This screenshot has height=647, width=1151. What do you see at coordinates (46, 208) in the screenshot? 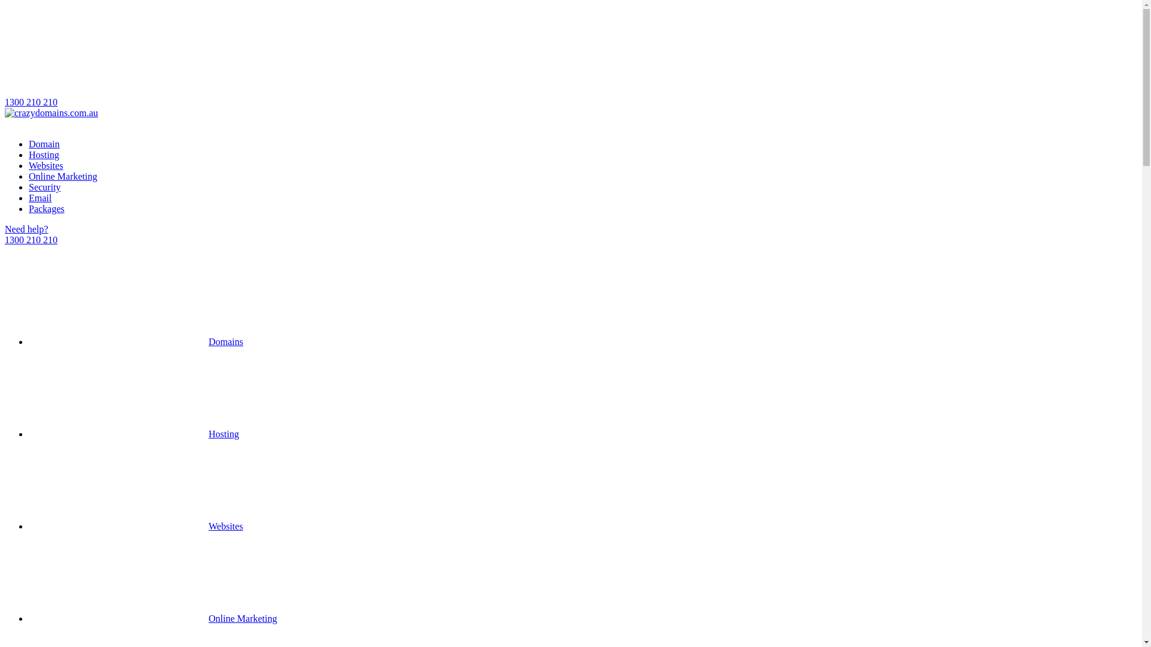
I see `'Packages'` at bounding box center [46, 208].